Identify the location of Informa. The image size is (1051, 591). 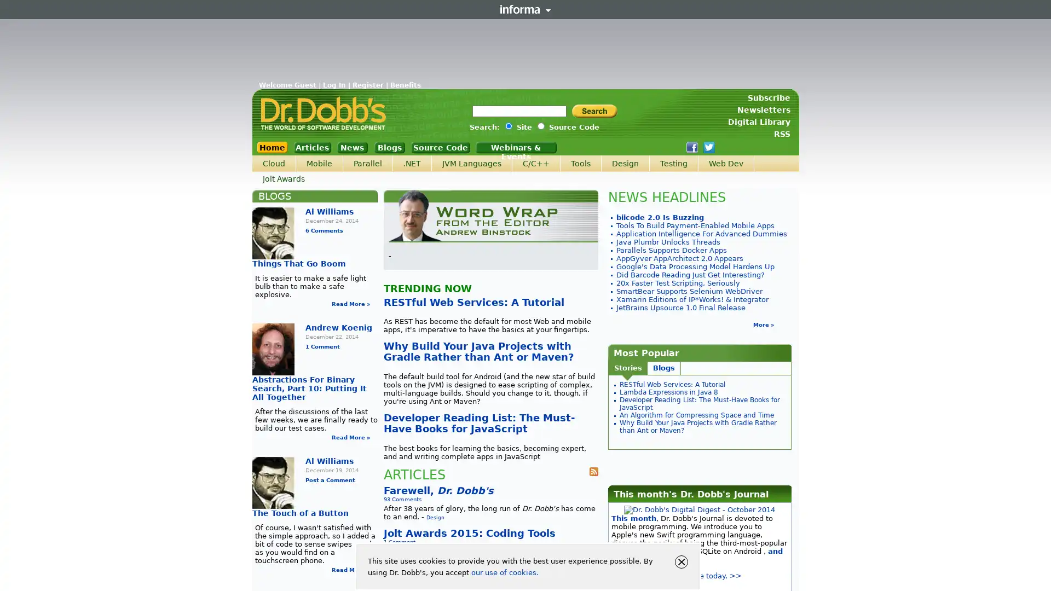
(525, 9).